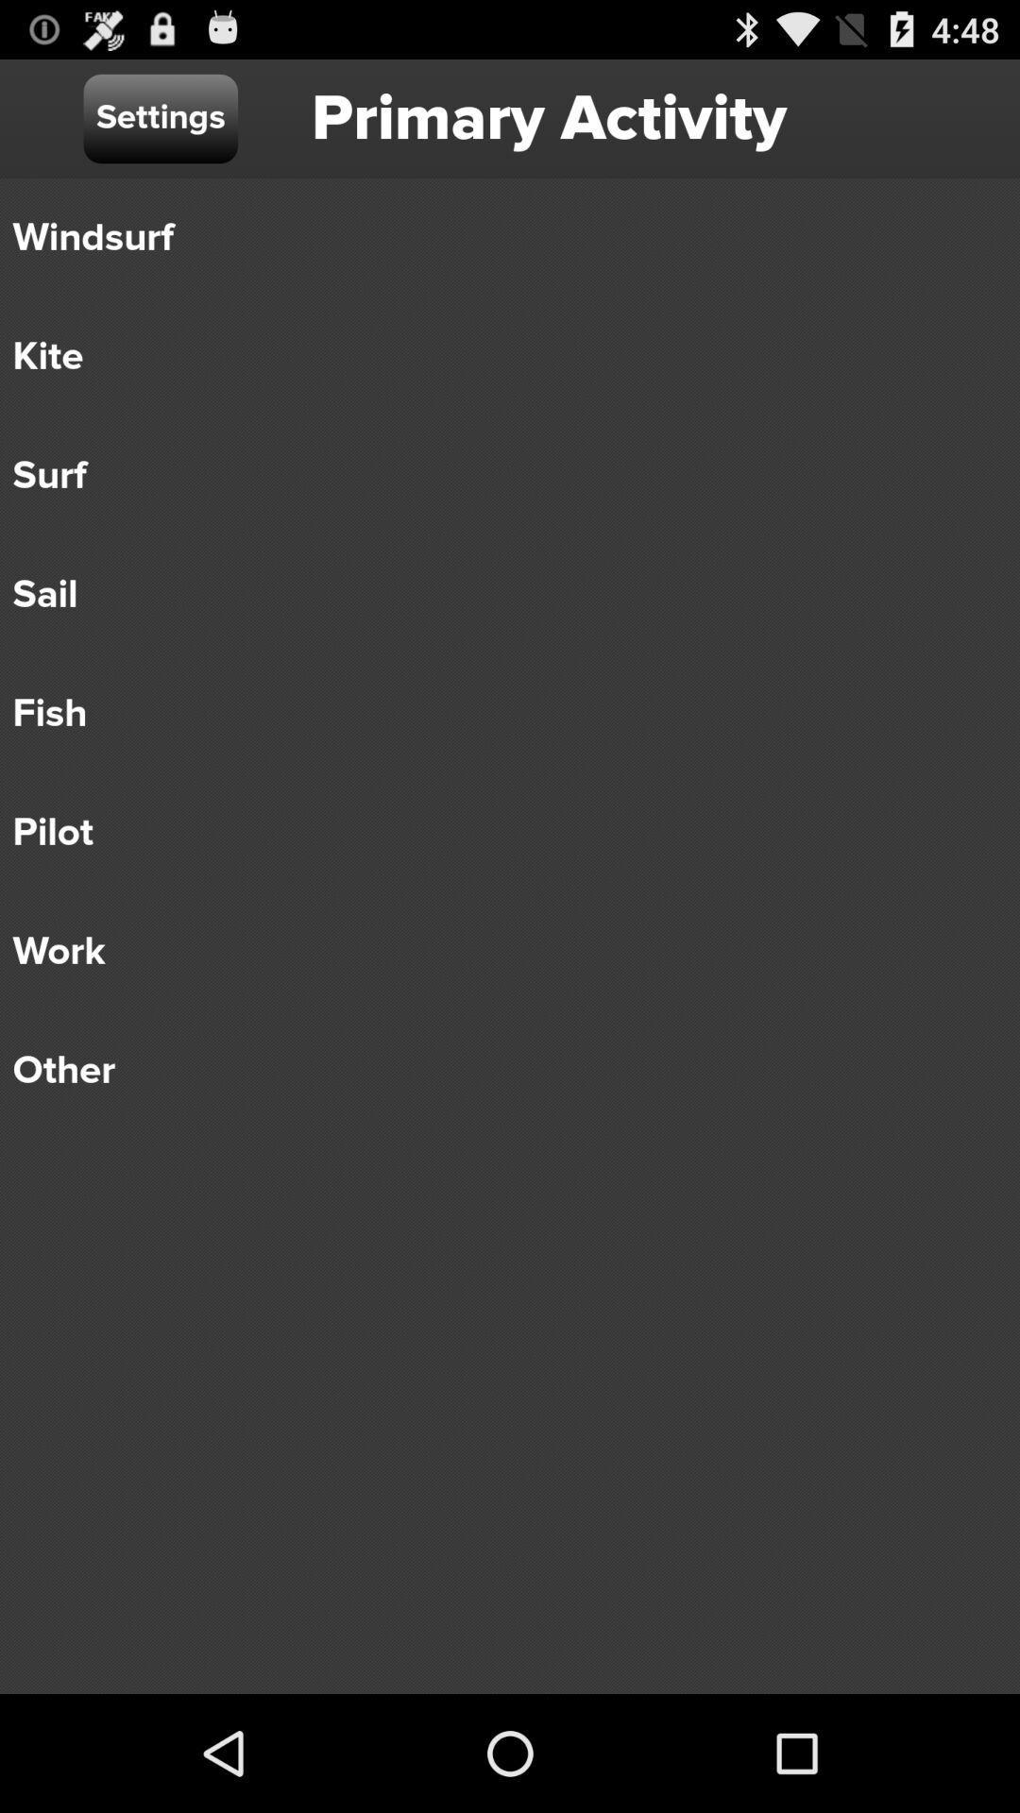  Describe the element at coordinates (496, 952) in the screenshot. I see `the item below pilot` at that location.